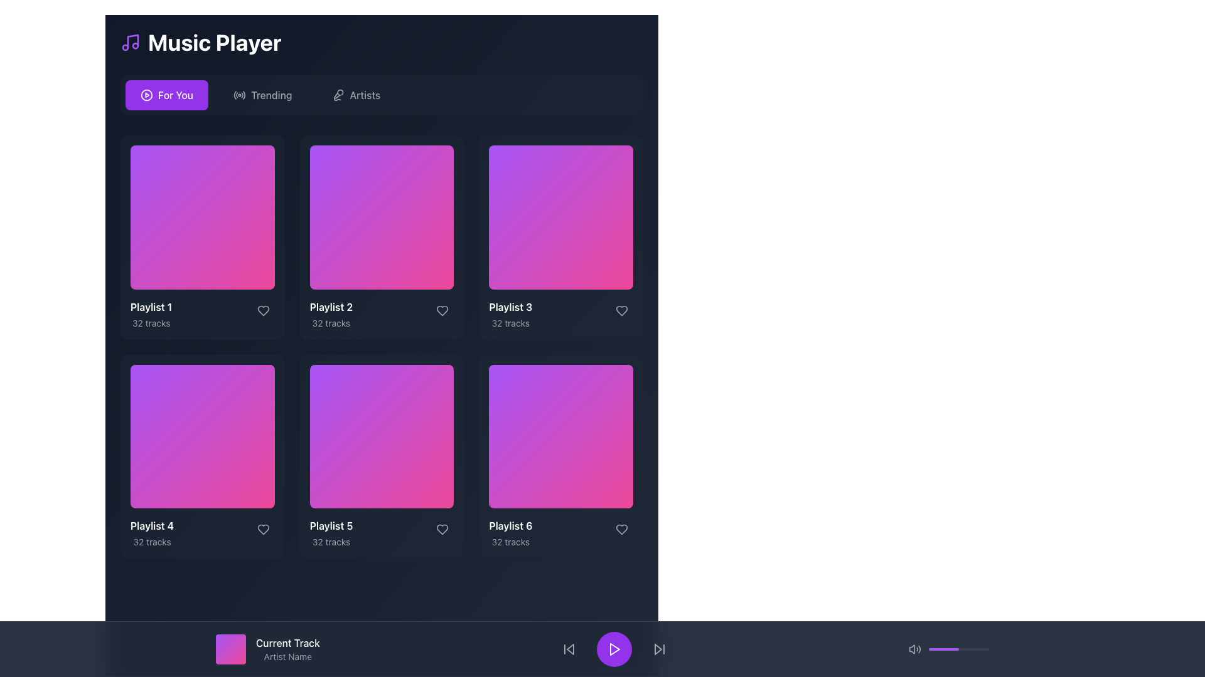 The width and height of the screenshot is (1205, 677). What do you see at coordinates (510, 313) in the screenshot?
I see `the text block displaying 'Playlist 3' with 32 tracks, located in the center-right section of the playlist grid, specifically in the third tile from the left on the second row` at bounding box center [510, 313].